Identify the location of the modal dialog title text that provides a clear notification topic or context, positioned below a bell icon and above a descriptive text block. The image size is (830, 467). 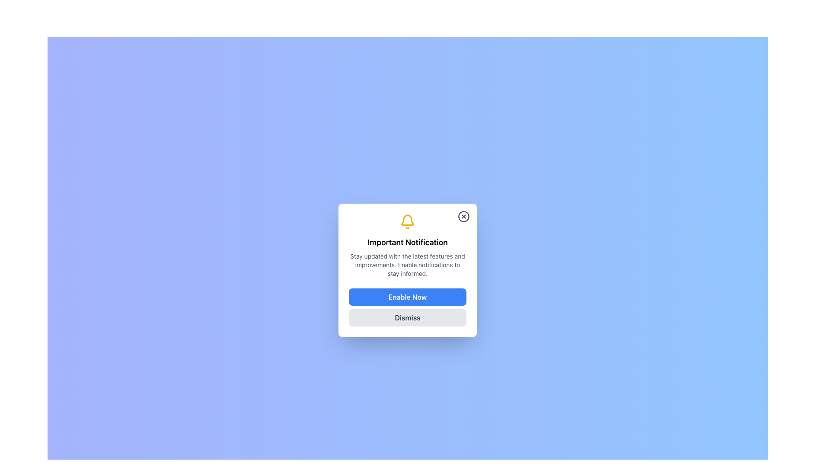
(407, 242).